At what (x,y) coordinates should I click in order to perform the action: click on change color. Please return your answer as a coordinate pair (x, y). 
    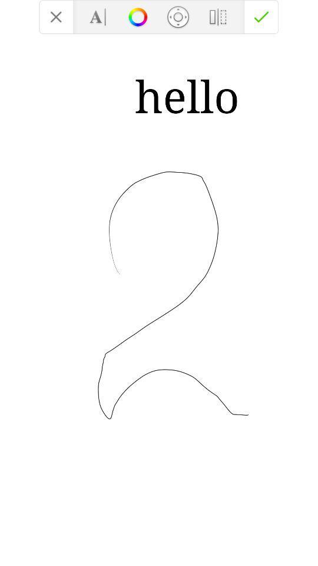
    Looking at the image, I should click on (137, 16).